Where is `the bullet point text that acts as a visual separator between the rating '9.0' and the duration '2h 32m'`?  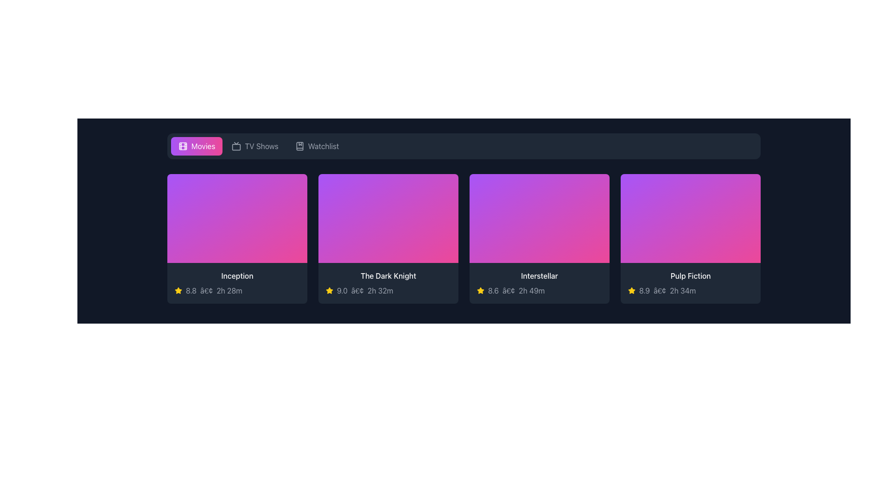
the bullet point text that acts as a visual separator between the rating '9.0' and the duration '2h 32m' is located at coordinates (357, 290).